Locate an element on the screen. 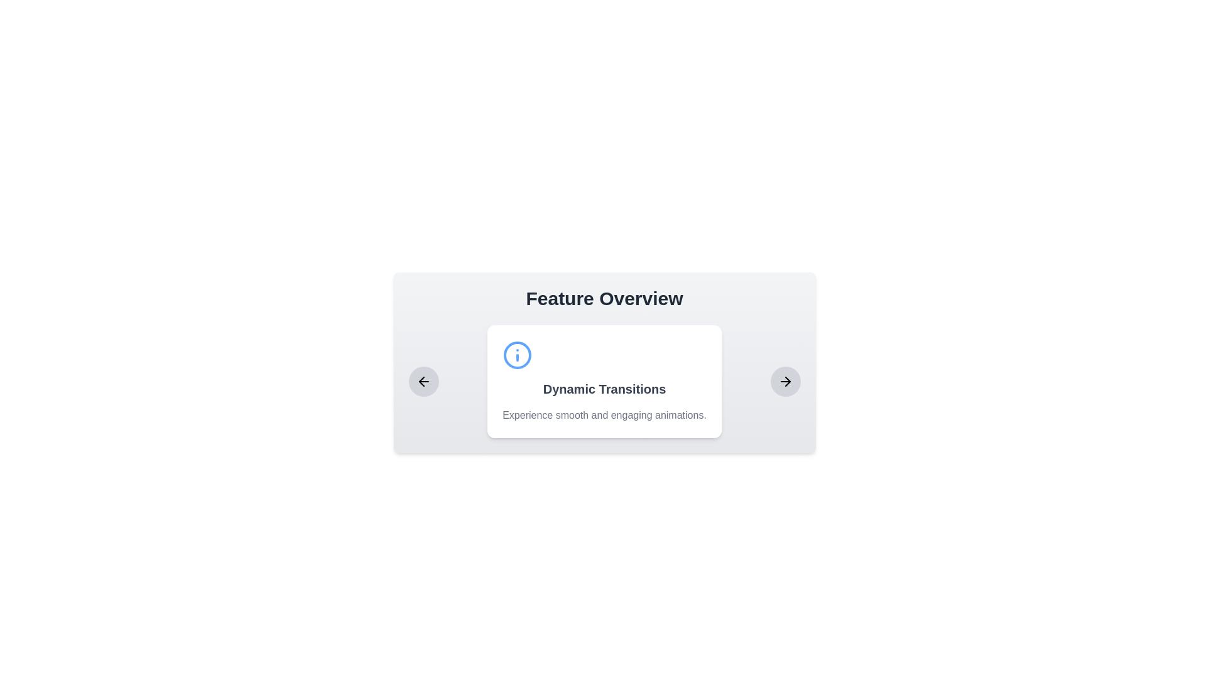 The width and height of the screenshot is (1206, 678). the button with an embedded SVG icon that navigates to previous content is located at coordinates (423, 381).